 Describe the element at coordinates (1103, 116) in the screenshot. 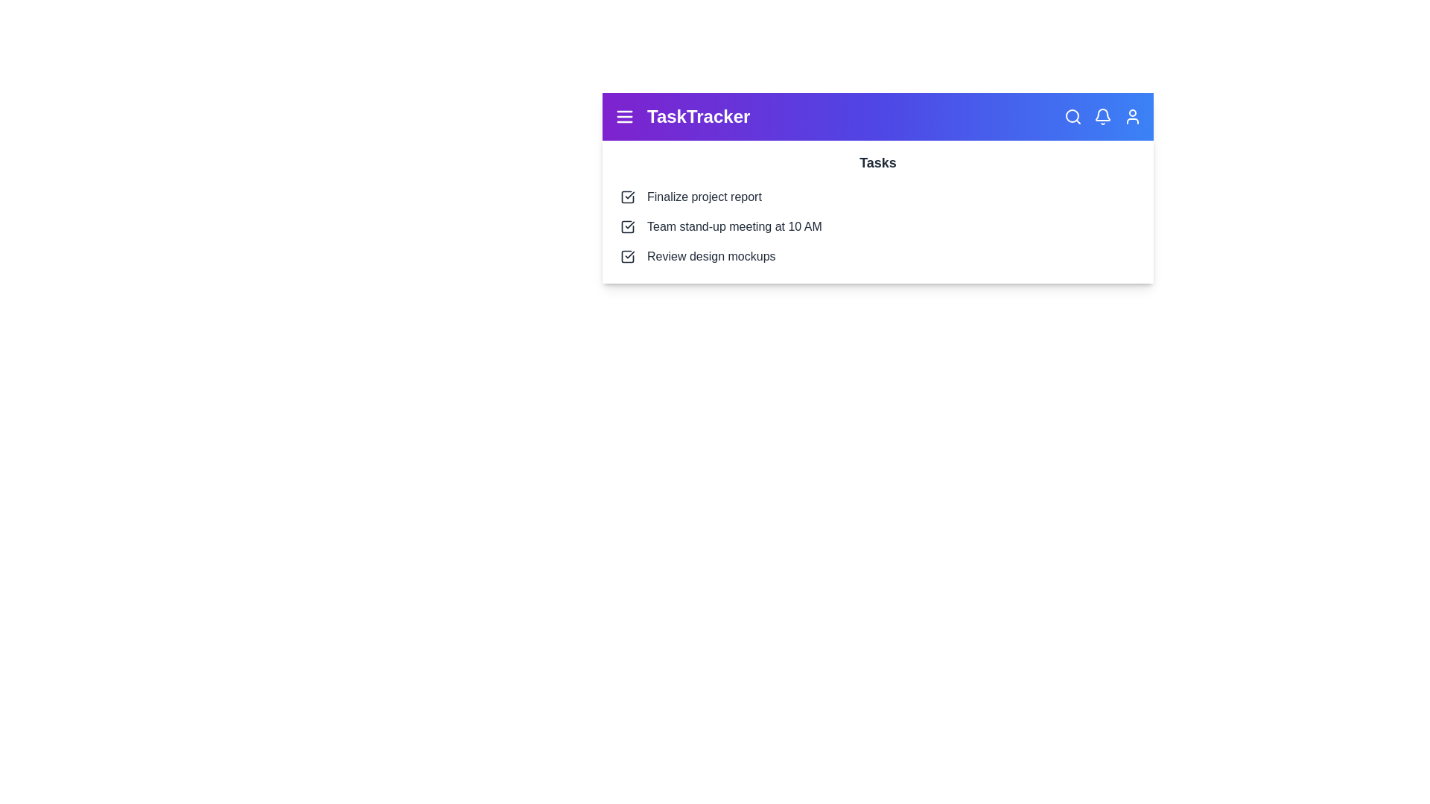

I see `the notification icon in the app bar` at that location.